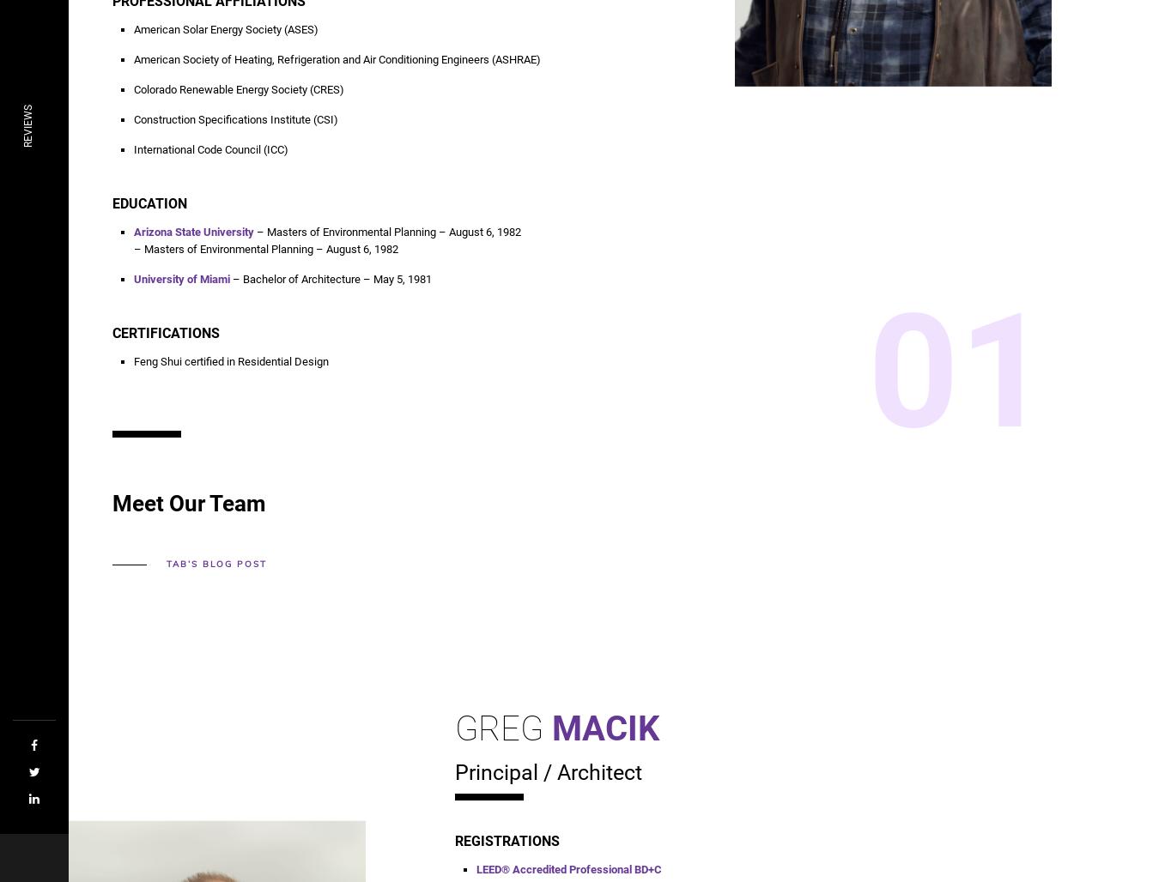 The image size is (1159, 882). What do you see at coordinates (330, 278) in the screenshot?
I see `'– Bachelor of Architecture – May 5, 1981'` at bounding box center [330, 278].